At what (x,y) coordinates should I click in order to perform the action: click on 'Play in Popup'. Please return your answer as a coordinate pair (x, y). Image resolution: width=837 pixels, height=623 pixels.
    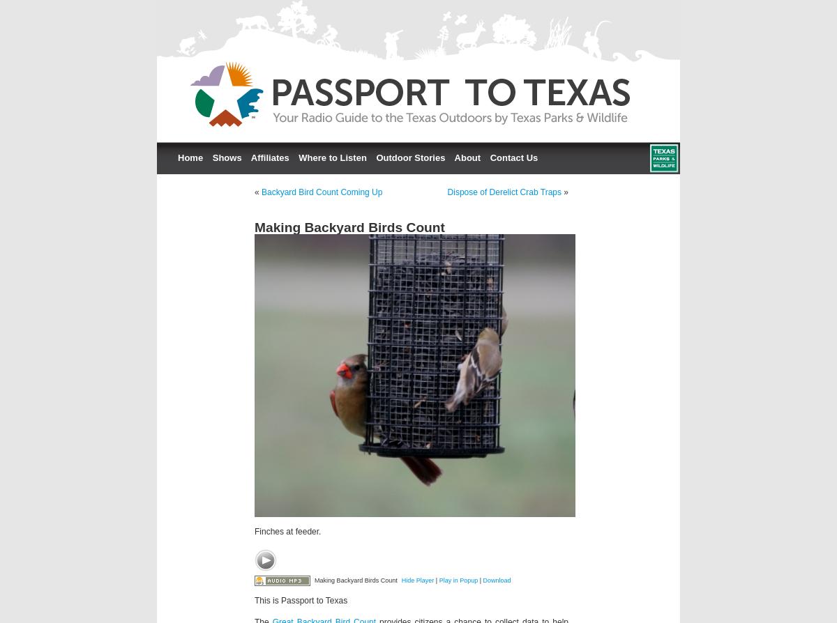
    Looking at the image, I should click on (439, 578).